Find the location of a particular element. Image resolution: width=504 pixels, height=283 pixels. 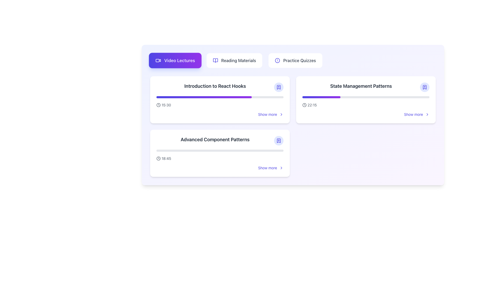

displayed time information from the Time display element located in the bottom-left corner of the 'State Management Patterns' card, adjacent to the clock icon is located at coordinates (309, 105).